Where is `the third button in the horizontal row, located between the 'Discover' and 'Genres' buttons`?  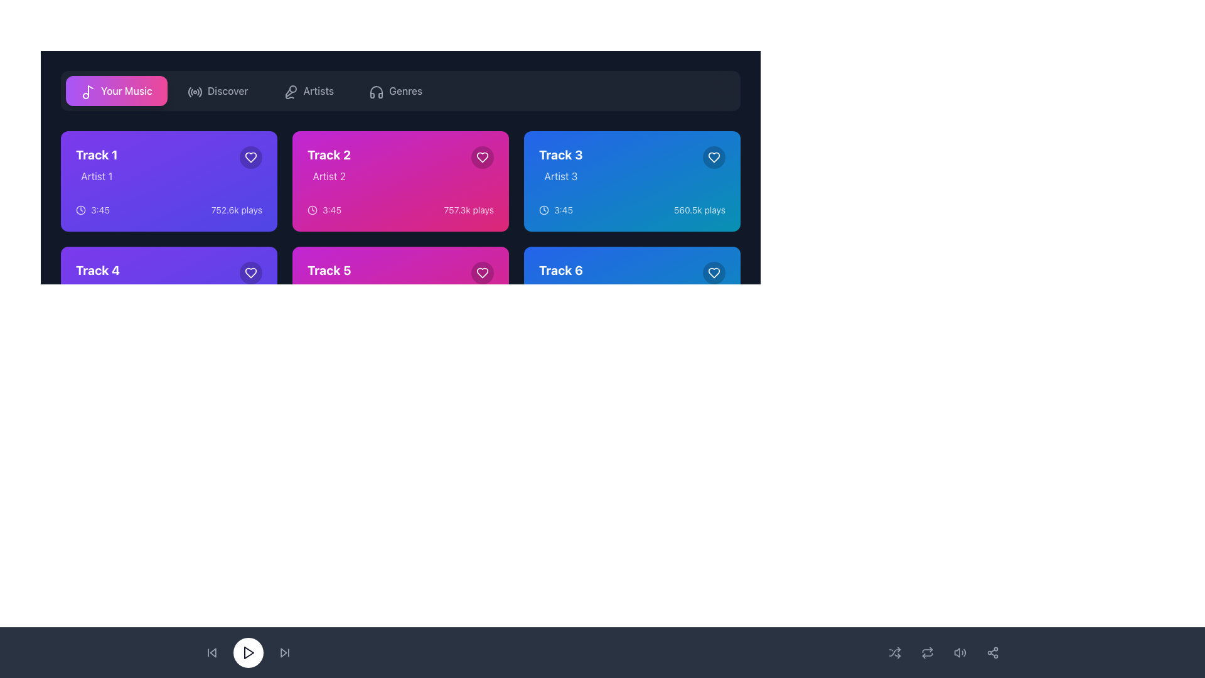 the third button in the horizontal row, located between the 'Discover' and 'Genres' buttons is located at coordinates (308, 90).